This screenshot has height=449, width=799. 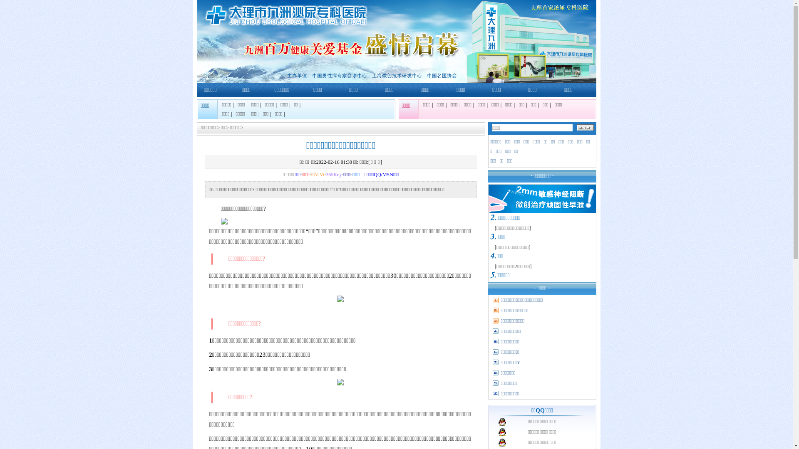 I want to click on '365Key', so click(x=333, y=174).